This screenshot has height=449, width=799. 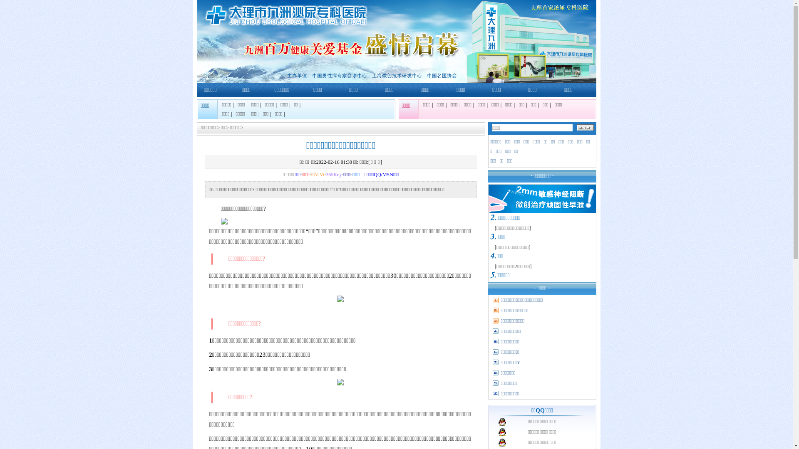 I want to click on '365Key', so click(x=333, y=174).